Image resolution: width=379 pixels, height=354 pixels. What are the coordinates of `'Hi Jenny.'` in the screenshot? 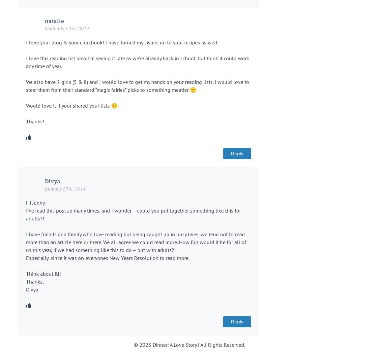 It's located at (26, 203).